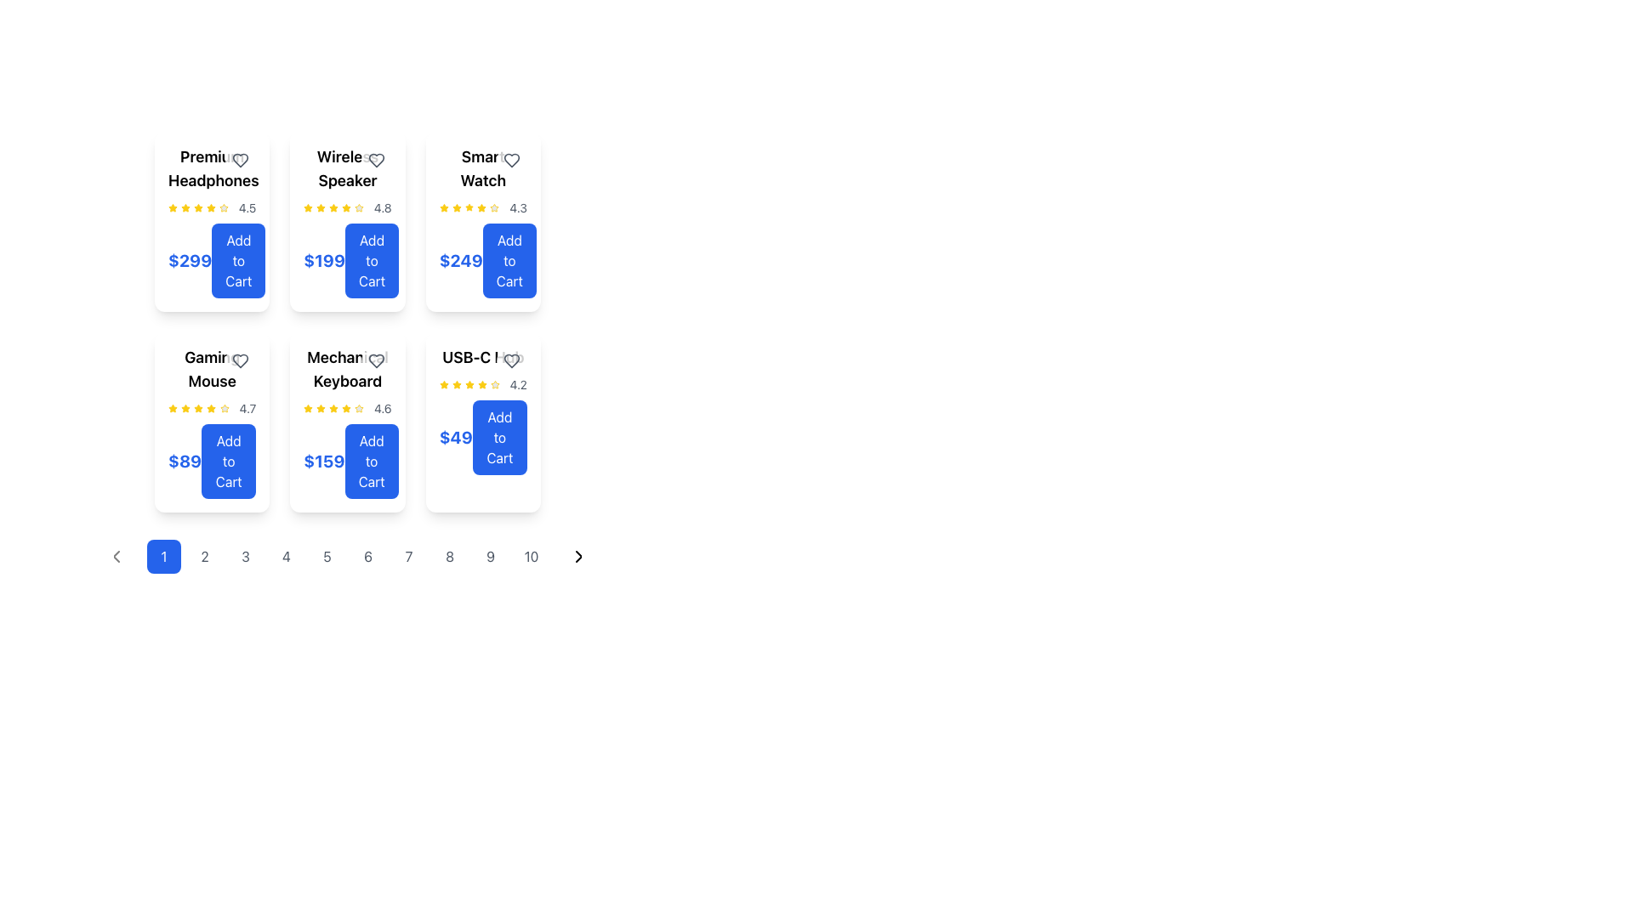  What do you see at coordinates (240, 360) in the screenshot?
I see `the favorite button located at the top-right corner of the 'Gaming Mouse' product card to mark it as a favorite` at bounding box center [240, 360].